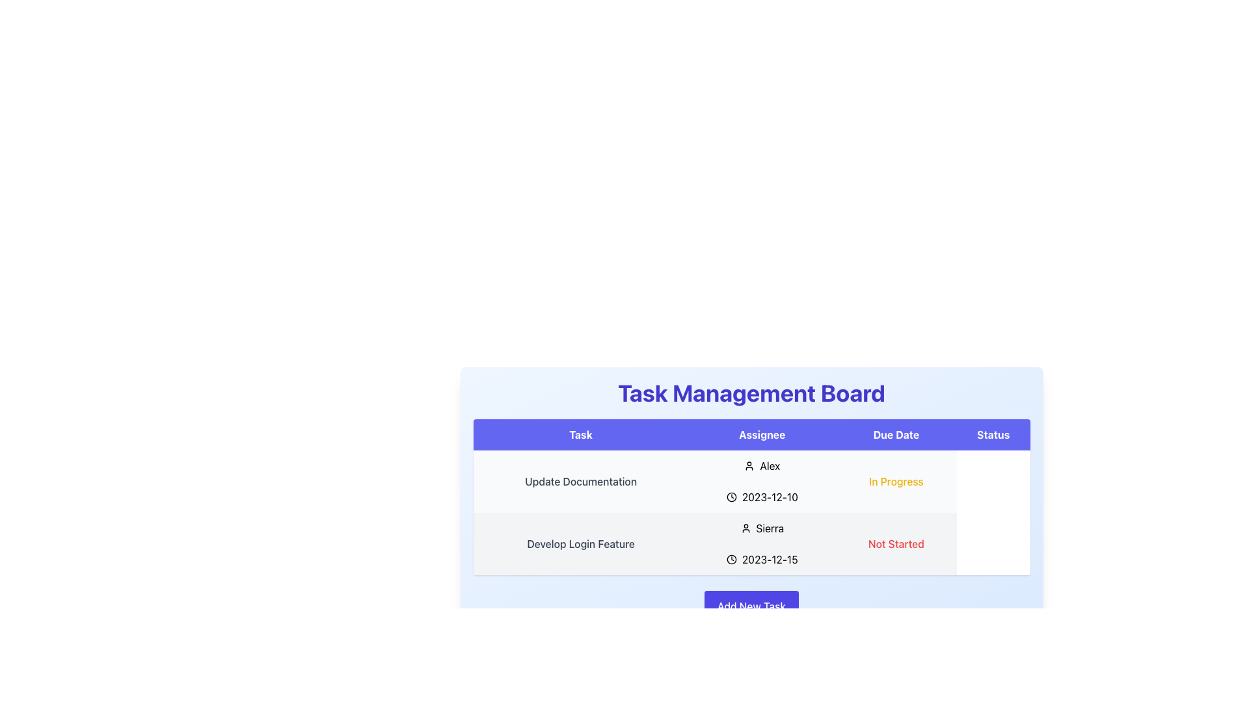  Describe the element at coordinates (580, 481) in the screenshot. I see `the text label that reads 'Update Documentation', which is located in the first column of a multi-column table under the 'Task' header` at that location.